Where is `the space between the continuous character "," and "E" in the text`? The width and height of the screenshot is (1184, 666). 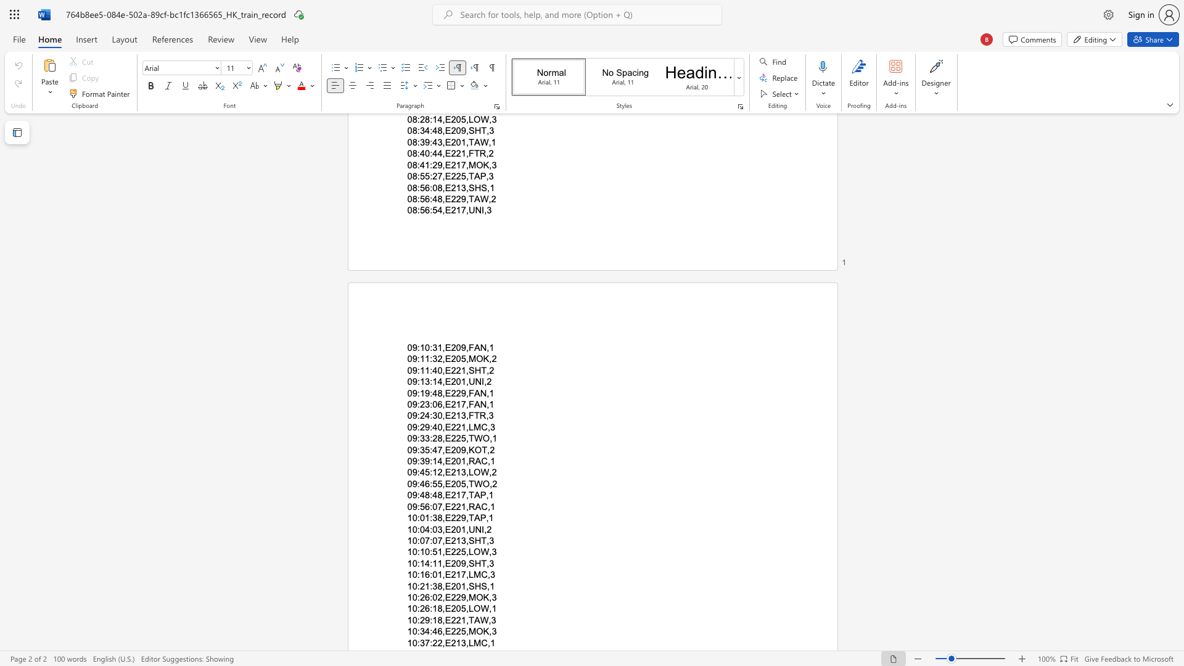
the space between the continuous character "," and "E" in the text is located at coordinates (445, 528).